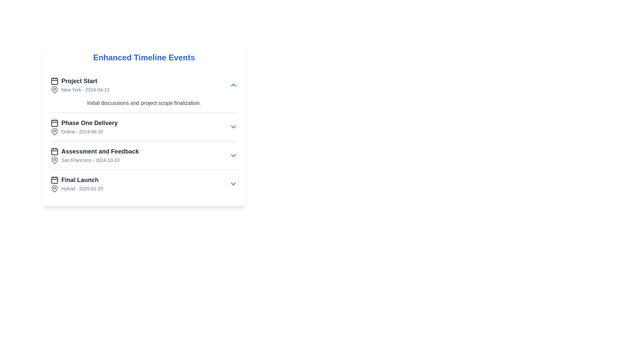 Image resolution: width=644 pixels, height=362 pixels. I want to click on the calendar icon located in the 'Phase One Delivery' section of the timeline, which is characterized by its rectangular base with rounded corners and a row of checker boxes at the top, so click(55, 123).